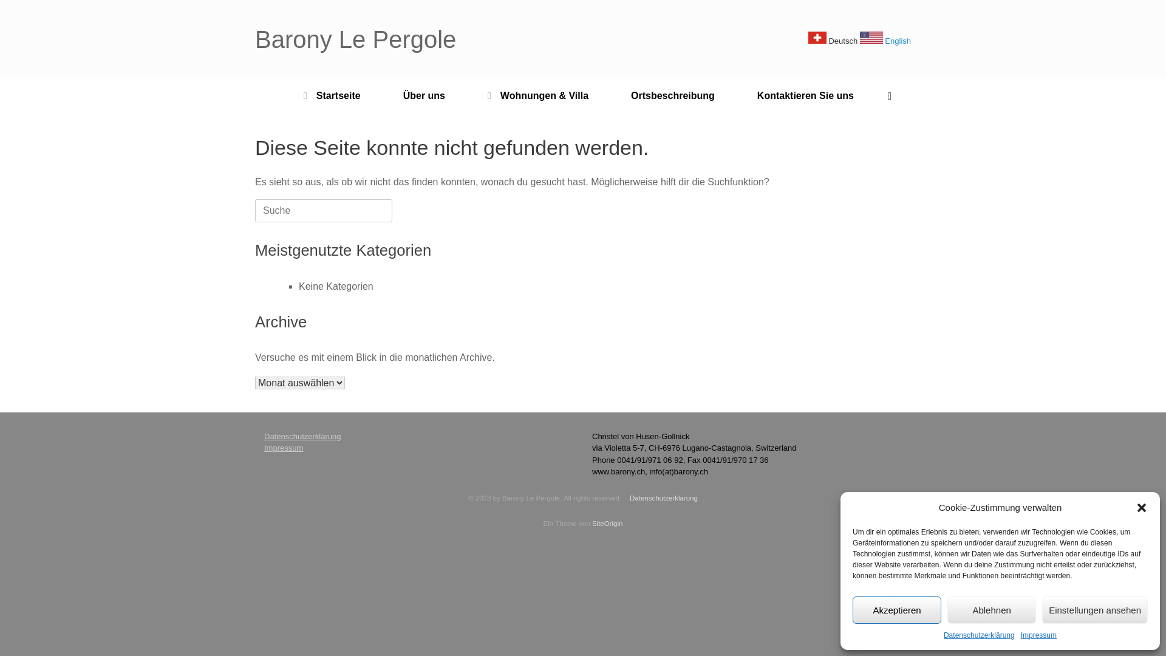  What do you see at coordinates (609, 95) in the screenshot?
I see `'Ortsbeschreibung'` at bounding box center [609, 95].